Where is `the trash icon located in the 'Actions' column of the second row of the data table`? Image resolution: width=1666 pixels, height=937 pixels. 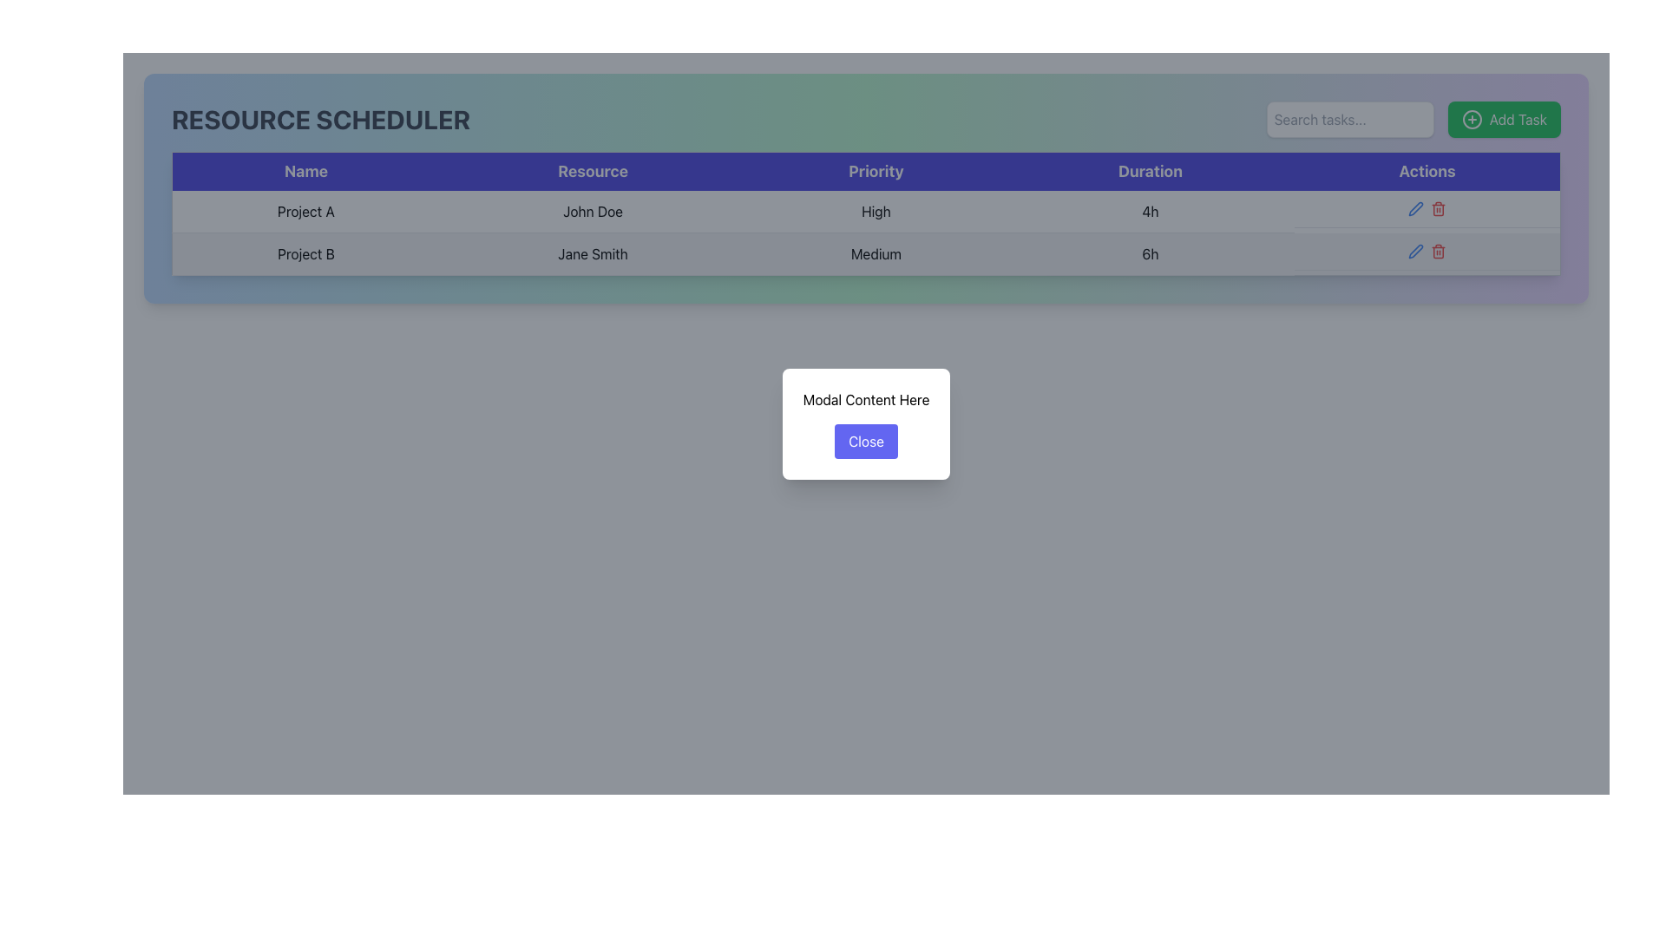
the trash icon located in the 'Actions' column of the second row of the data table is located at coordinates (1439, 209).